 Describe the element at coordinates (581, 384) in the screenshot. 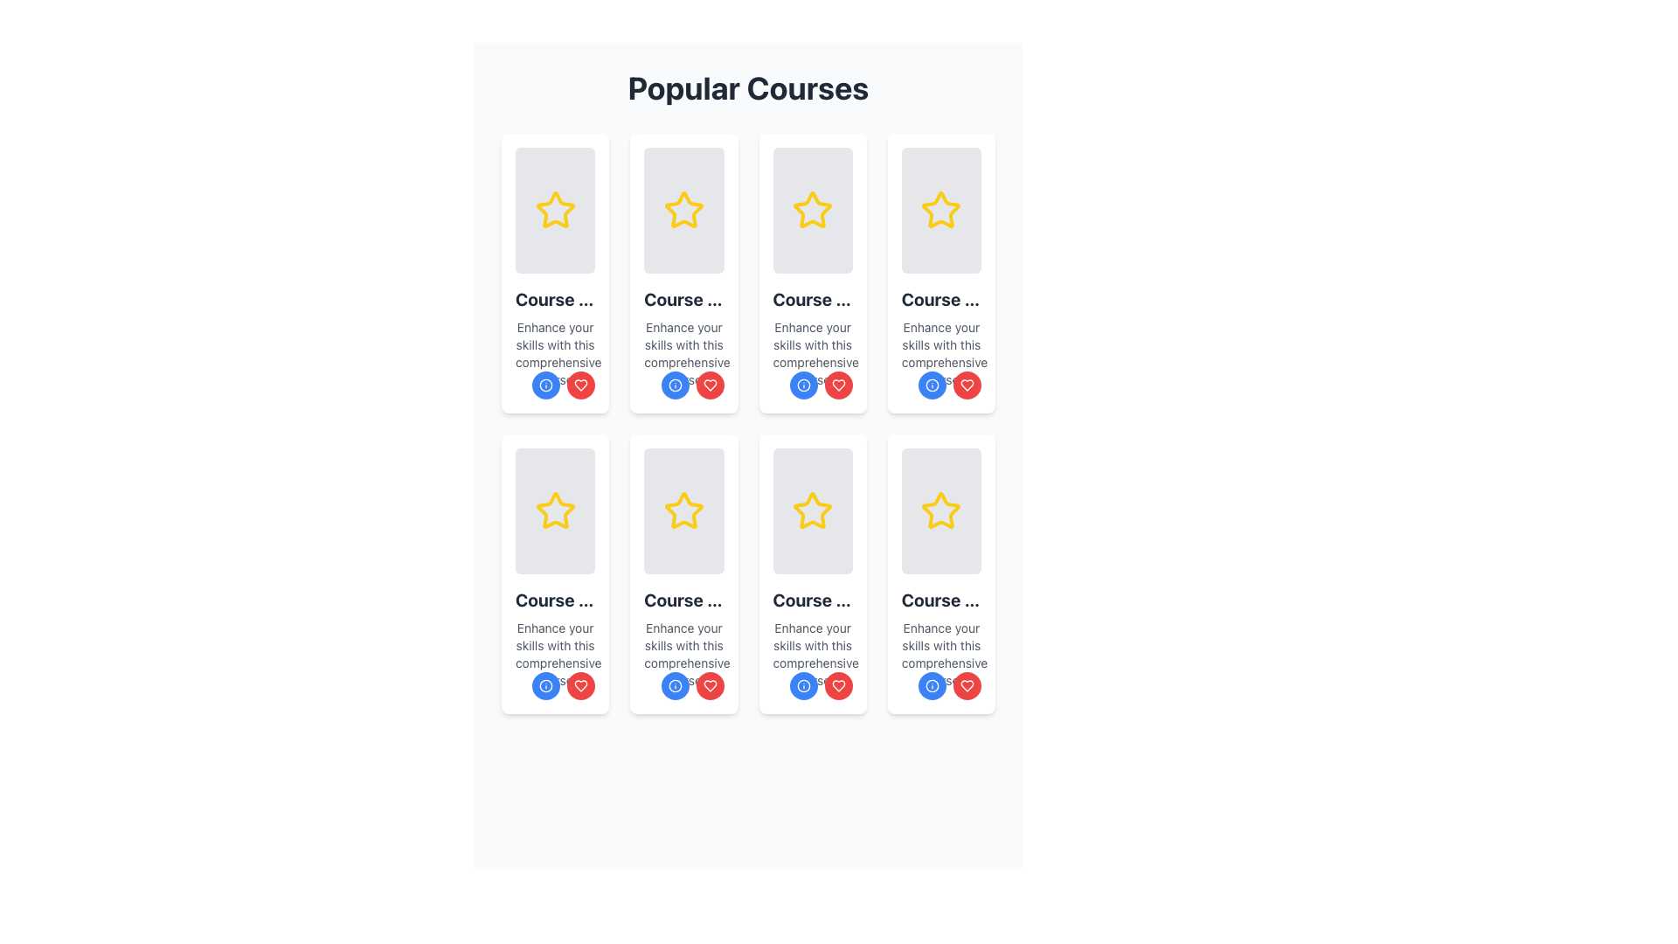

I see `the heart icon button located at the bottom right corner of the sixth course card` at that location.